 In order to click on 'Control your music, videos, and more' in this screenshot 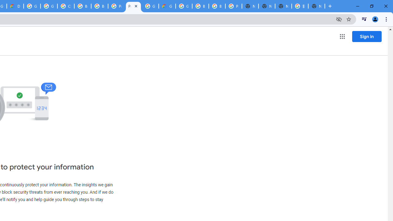, I will do `click(364, 19)`.